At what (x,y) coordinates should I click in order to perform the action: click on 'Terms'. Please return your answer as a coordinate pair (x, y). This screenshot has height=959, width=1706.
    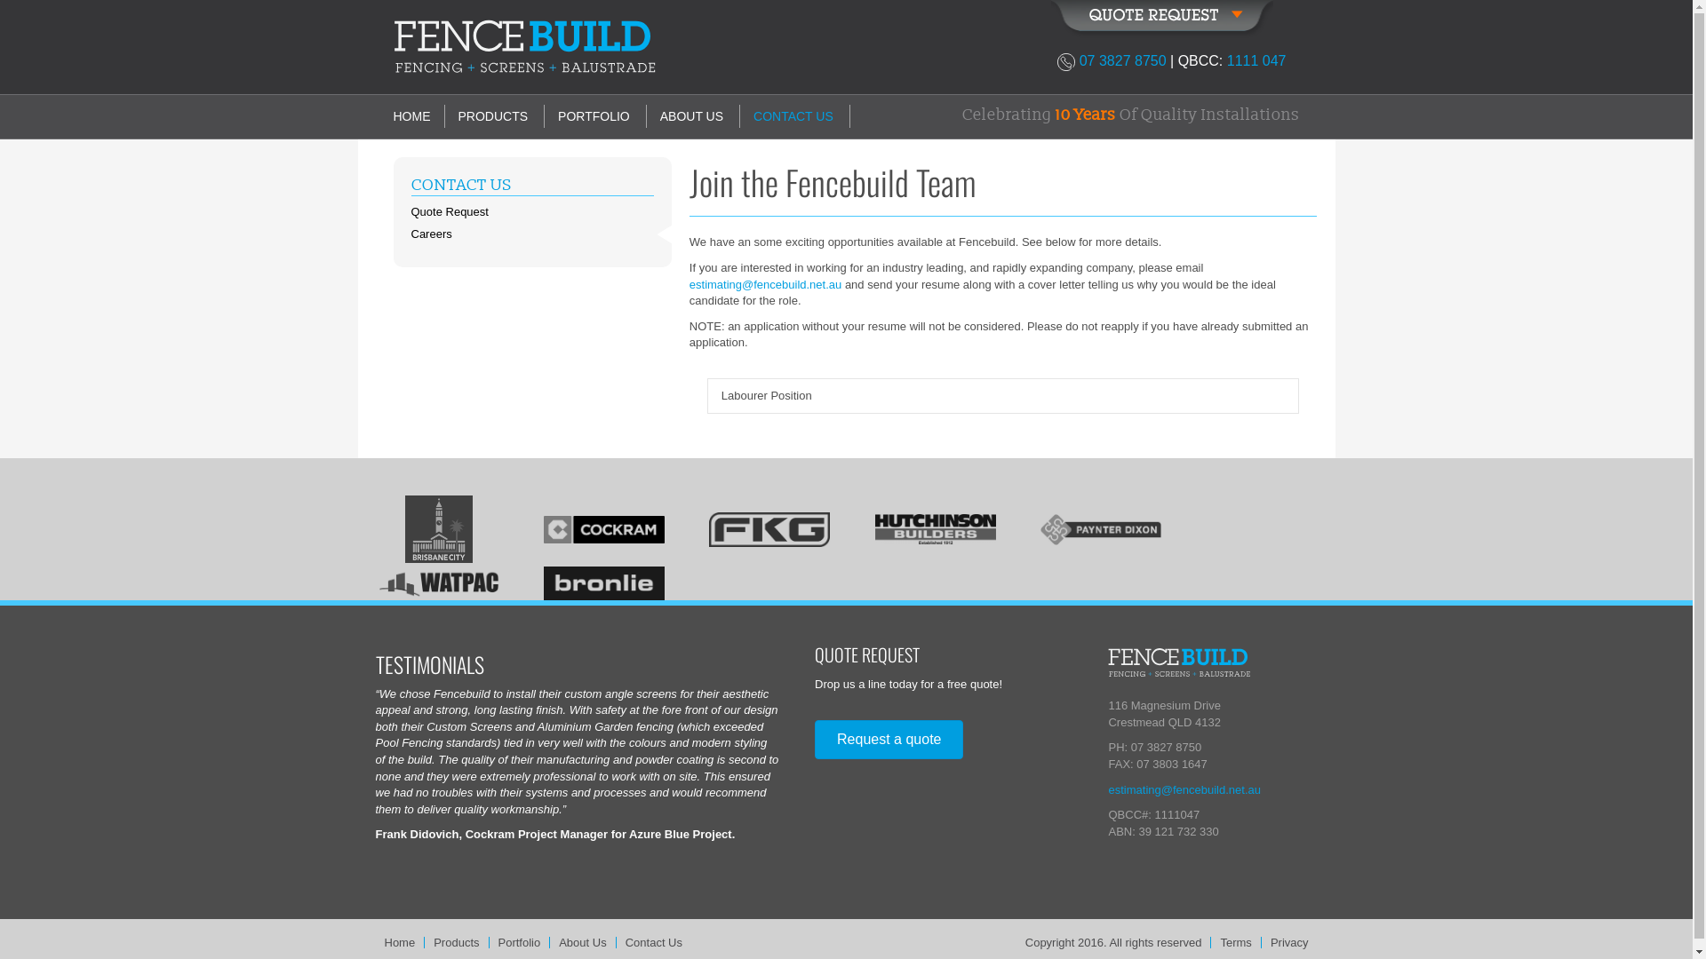
    Looking at the image, I should click on (1210, 941).